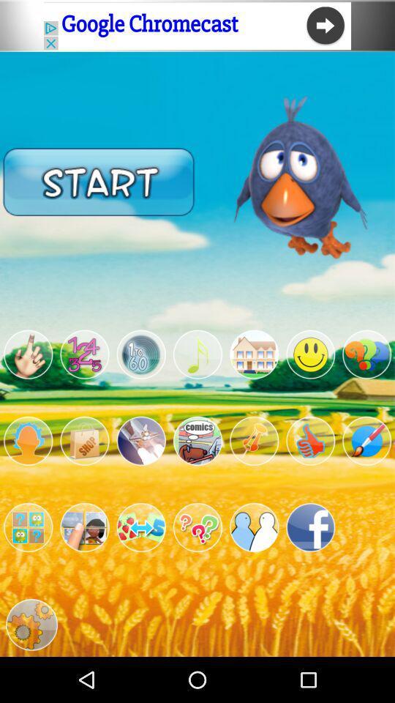  What do you see at coordinates (28, 354) in the screenshot?
I see `touch the bird symbol` at bounding box center [28, 354].